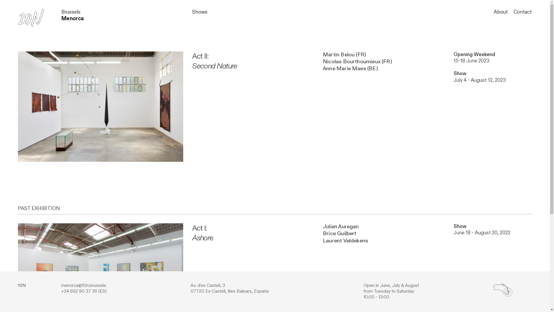  I want to click on 'Act I:, so click(201, 233).